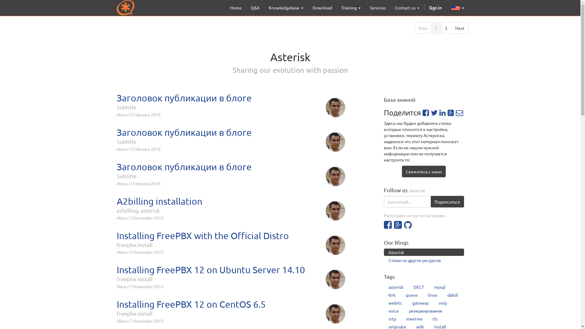 This screenshot has width=585, height=329. What do you see at coordinates (255, 7) in the screenshot?
I see `'Q&A'` at bounding box center [255, 7].